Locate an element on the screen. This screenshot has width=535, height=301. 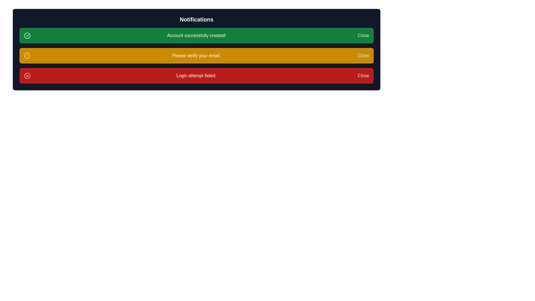
the text label displaying 'Please verify your email.' which is the second notification in the list of alert notifications, set against a yellow background is located at coordinates (196, 56).